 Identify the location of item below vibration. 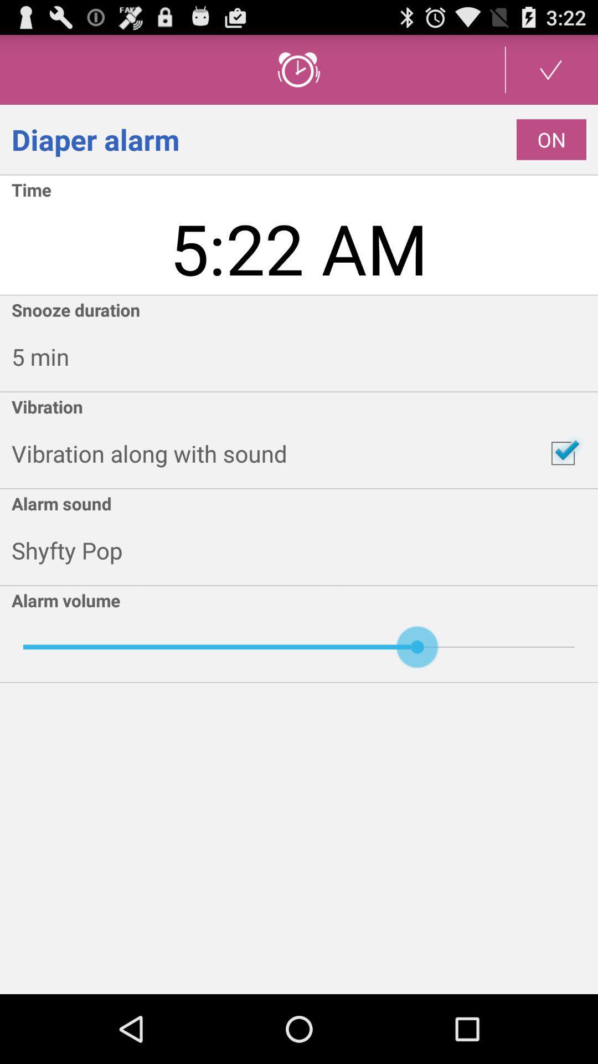
(563, 453).